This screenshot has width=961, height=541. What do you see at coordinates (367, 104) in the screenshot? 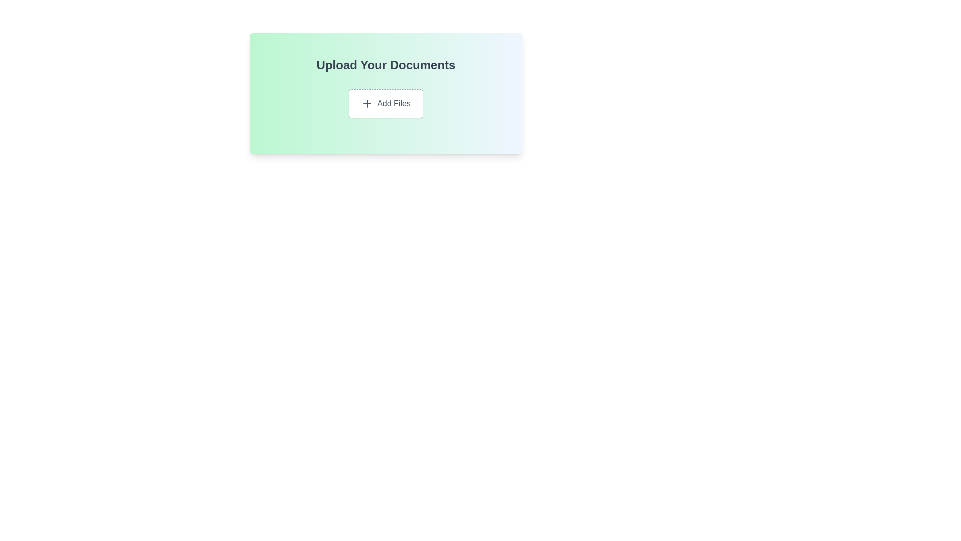
I see `the icon located to the left of the 'Add Files' text within the 'Add Files' button in the 'Upload Your Documents' section` at bounding box center [367, 104].